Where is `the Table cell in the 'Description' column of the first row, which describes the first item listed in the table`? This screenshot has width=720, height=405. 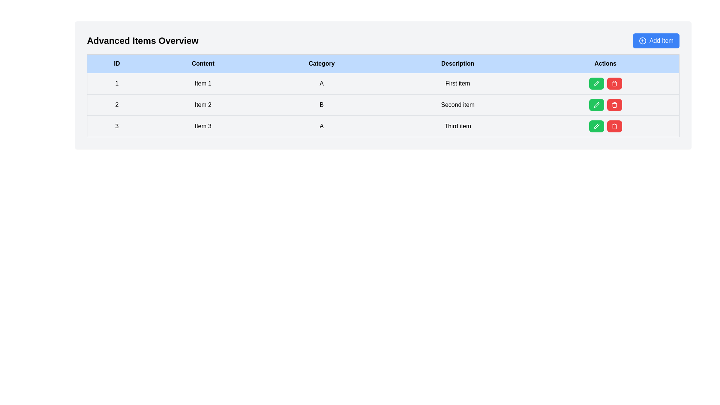 the Table cell in the 'Description' column of the first row, which describes the first item listed in the table is located at coordinates (457, 84).